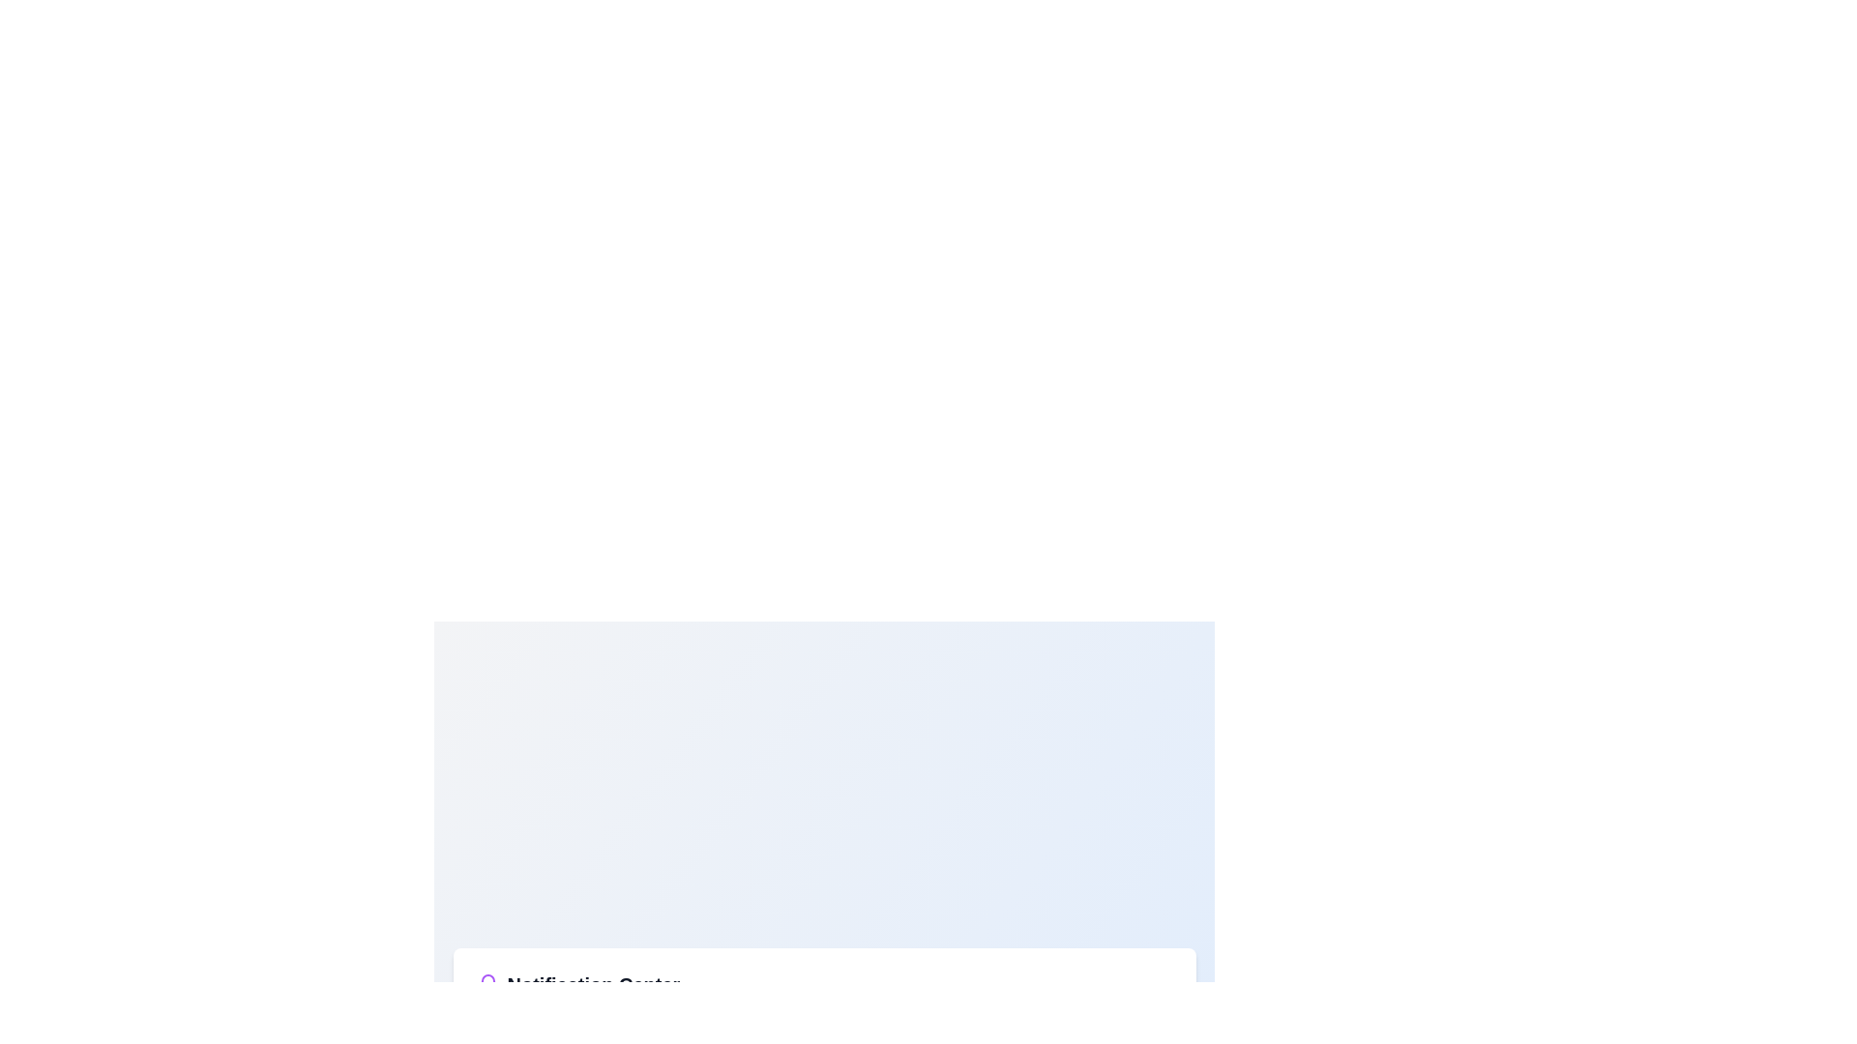 The height and width of the screenshot is (1044, 1857). Describe the element at coordinates (487, 984) in the screenshot. I see `the bell icon located to the left of the 'Notification Center' text` at that location.